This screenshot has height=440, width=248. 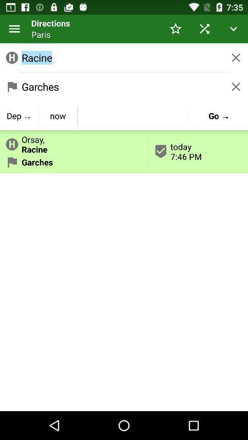 I want to click on icon next to now button, so click(x=19, y=115).